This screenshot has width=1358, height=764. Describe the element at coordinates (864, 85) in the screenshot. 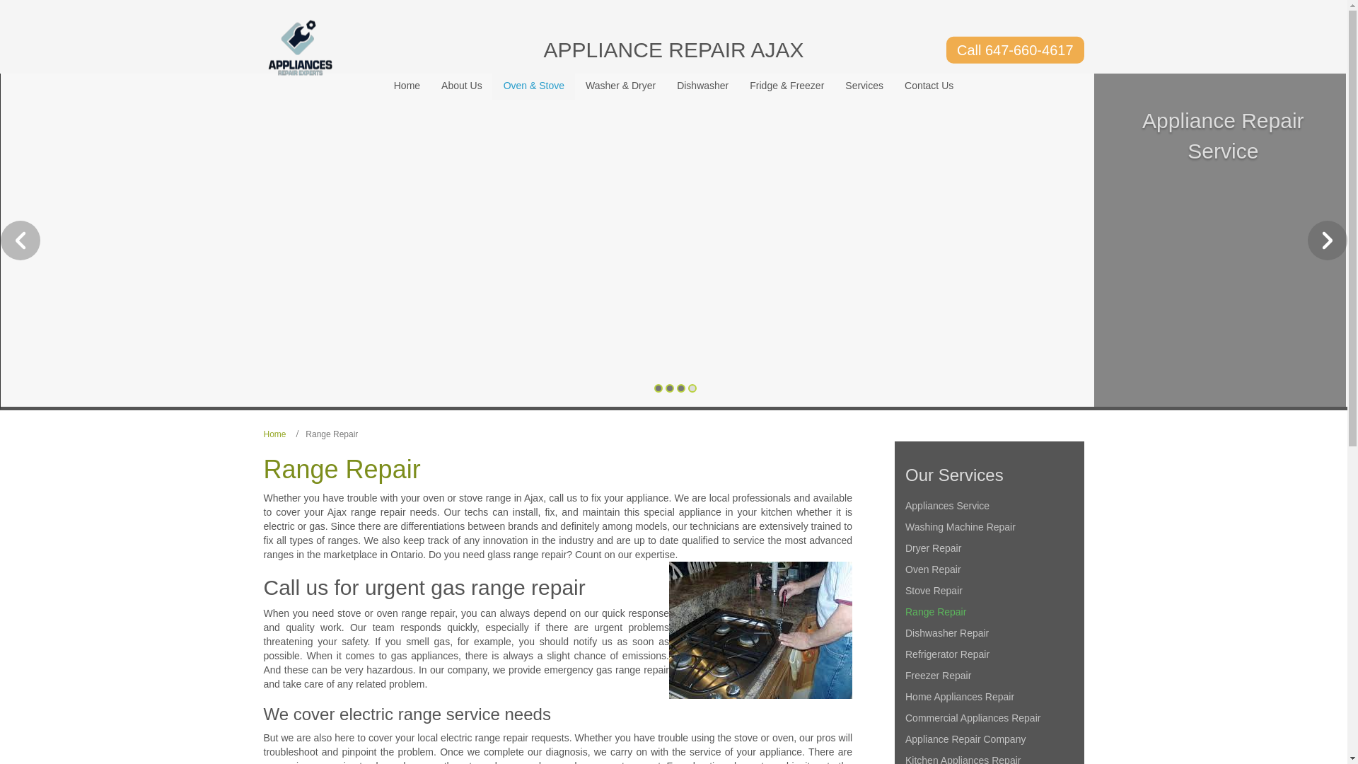

I see `'Services'` at that location.